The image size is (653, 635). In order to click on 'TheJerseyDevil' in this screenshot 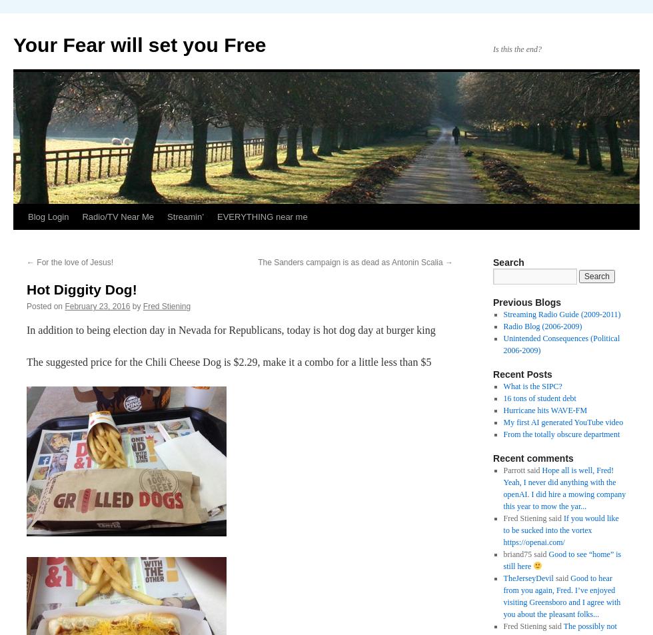, I will do `click(528, 578)`.